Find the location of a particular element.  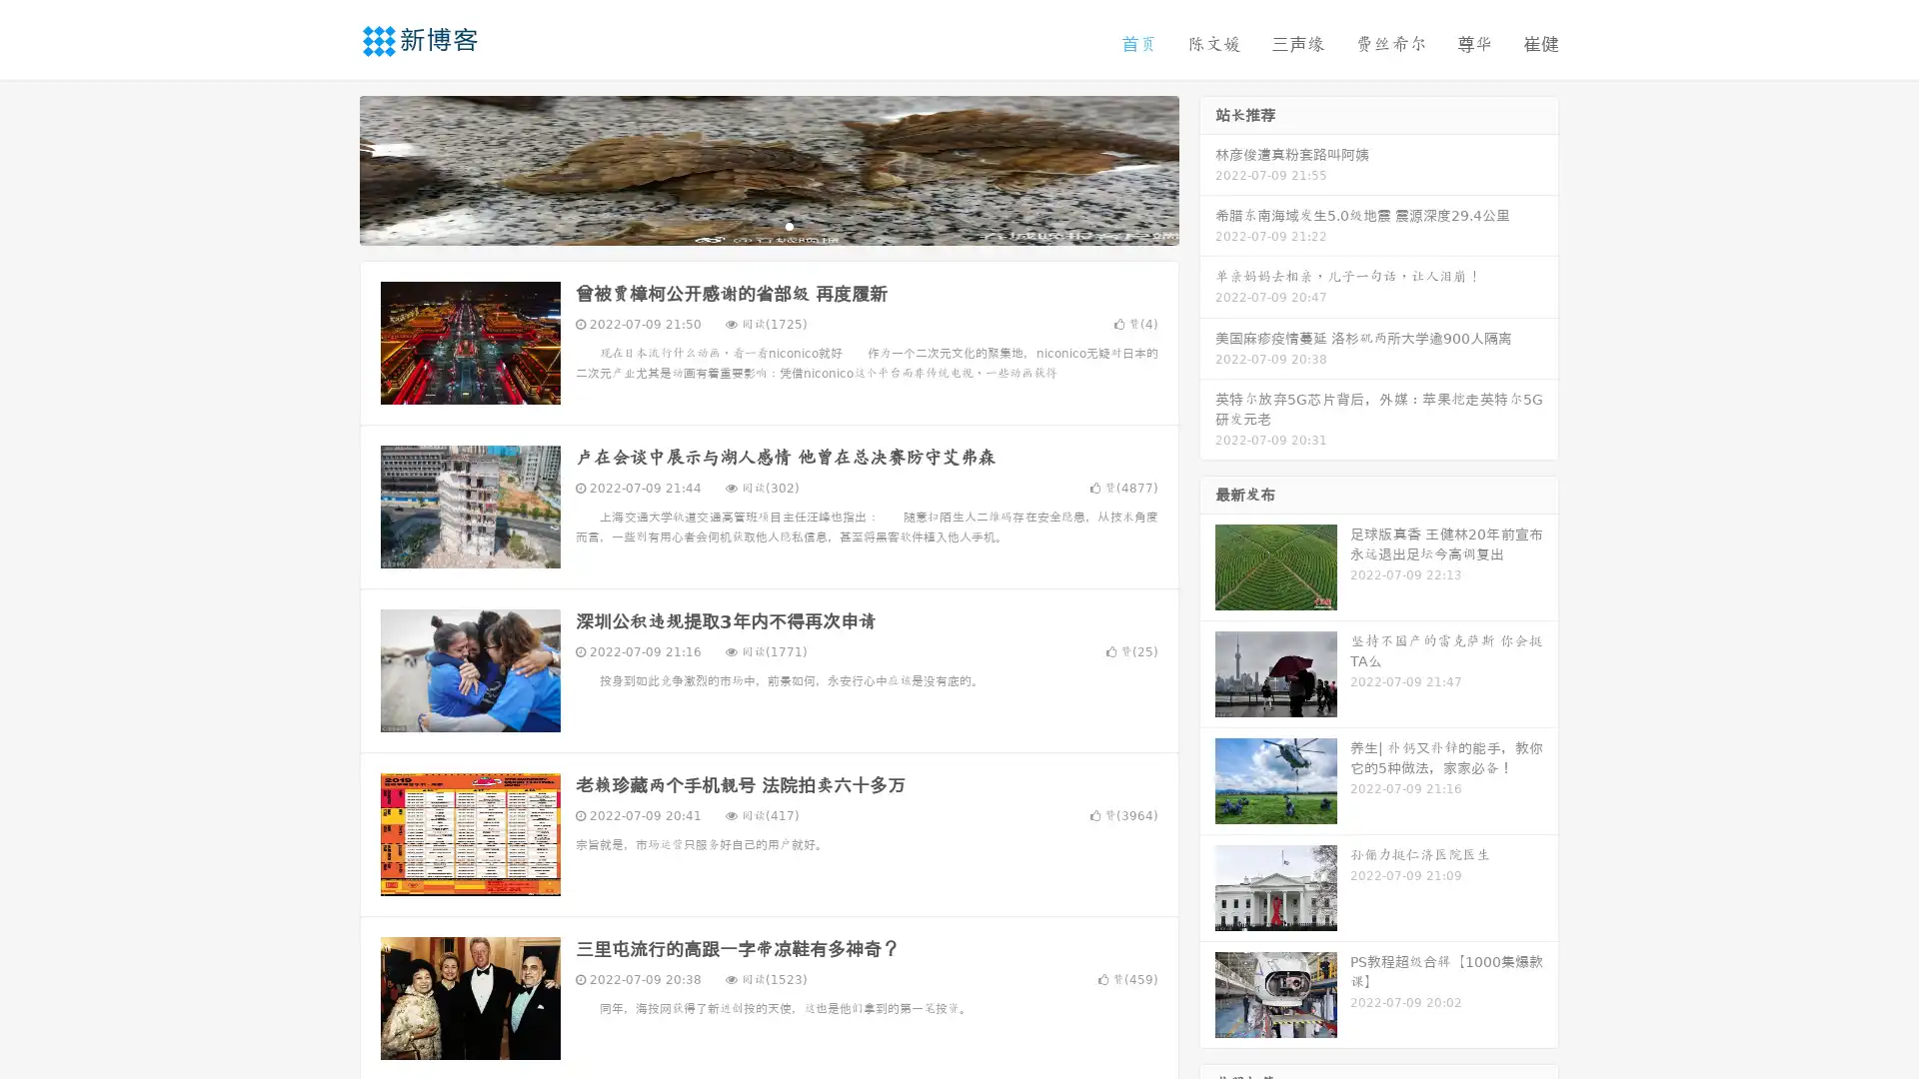

Next slide is located at coordinates (1207, 168).